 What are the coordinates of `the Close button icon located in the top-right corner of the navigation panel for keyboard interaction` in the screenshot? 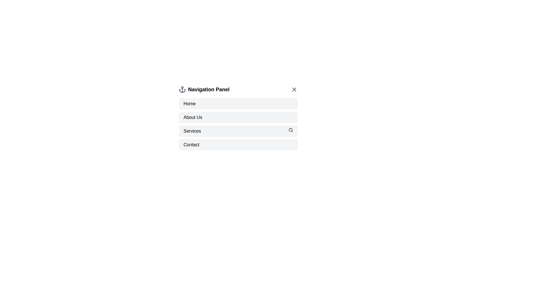 It's located at (294, 89).